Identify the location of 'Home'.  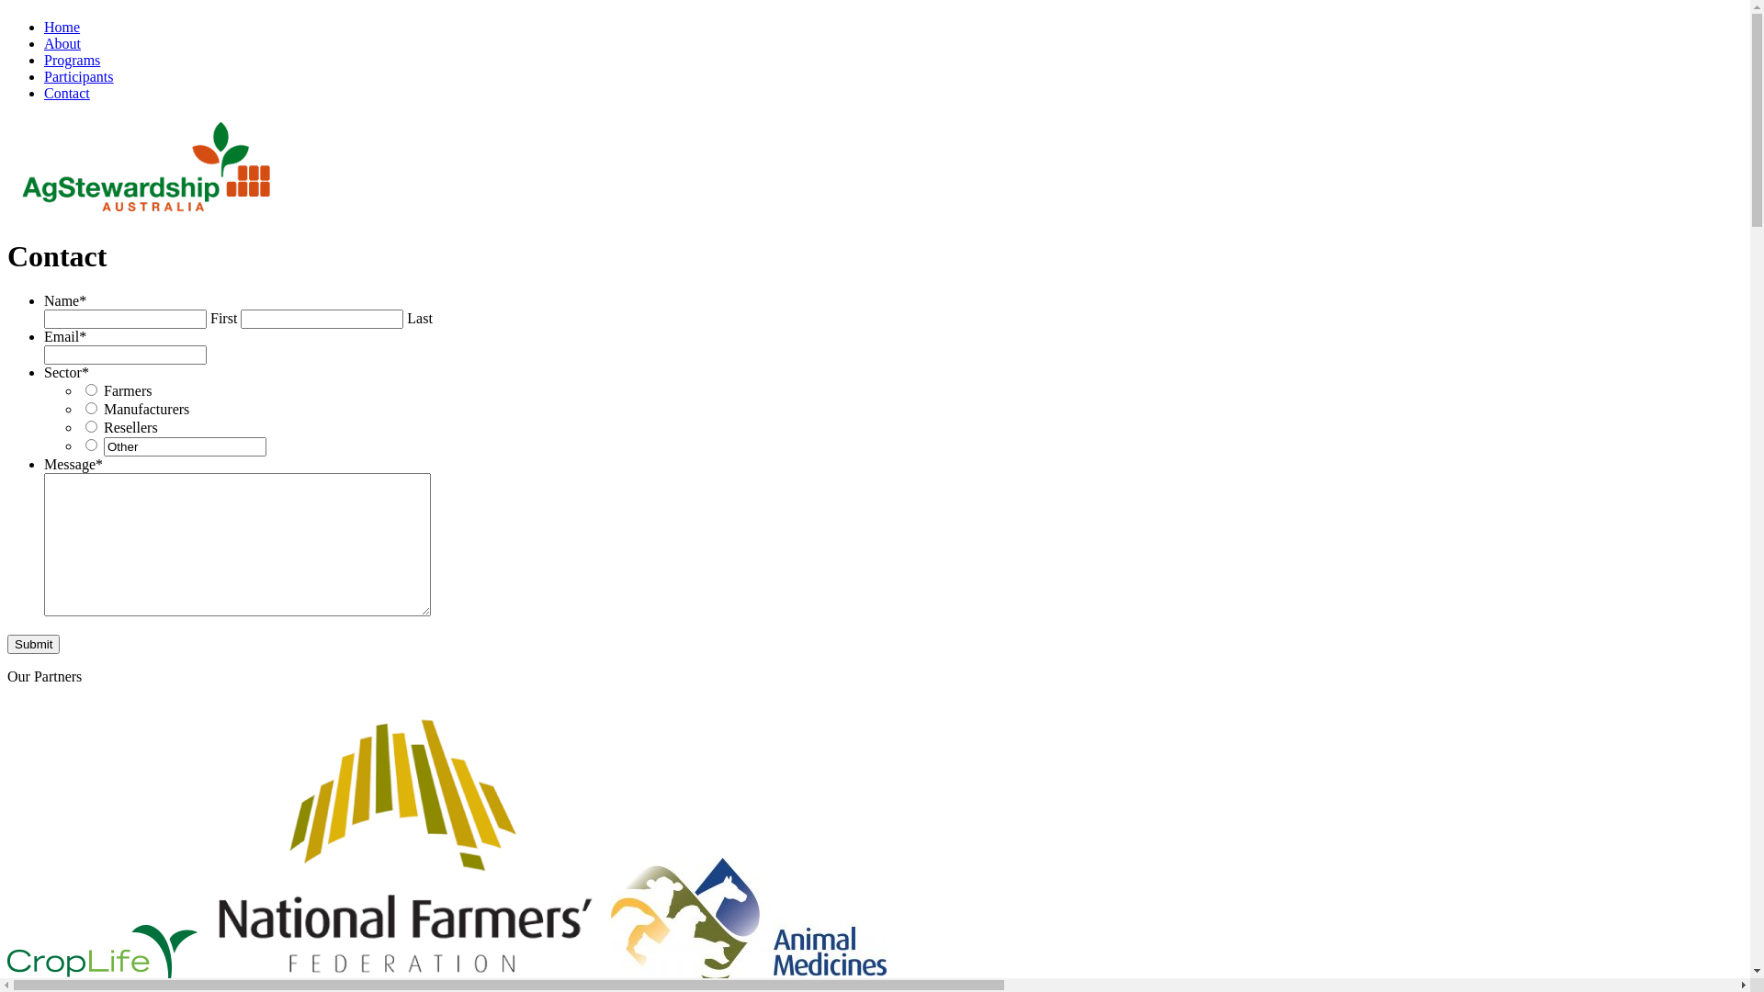
(62, 27).